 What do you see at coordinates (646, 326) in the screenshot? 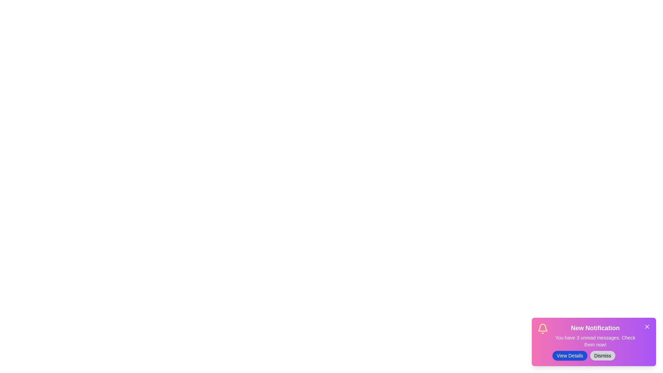
I see `close button (X icon) at the top-right corner of the notification panel` at bounding box center [646, 326].